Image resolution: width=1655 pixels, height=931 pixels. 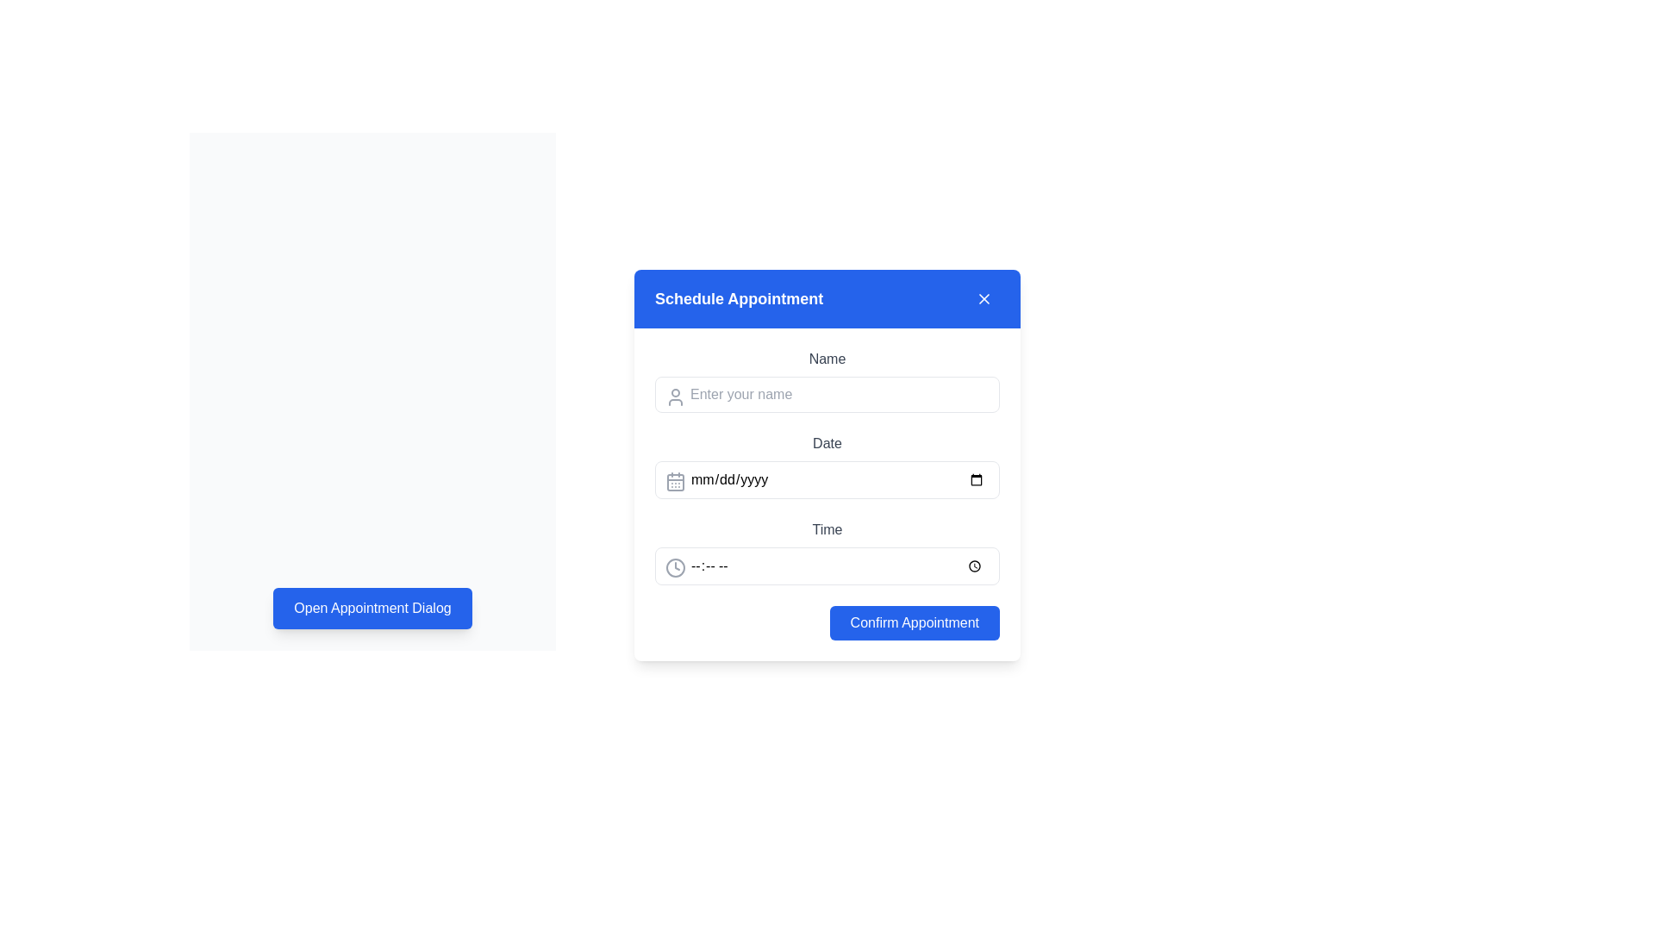 What do you see at coordinates (827, 528) in the screenshot?
I see `the text label reading 'Time' in the 'Schedule Appointment' modal dialog, which is styled with a gray color and medium font weight, located below the 'Date' field` at bounding box center [827, 528].